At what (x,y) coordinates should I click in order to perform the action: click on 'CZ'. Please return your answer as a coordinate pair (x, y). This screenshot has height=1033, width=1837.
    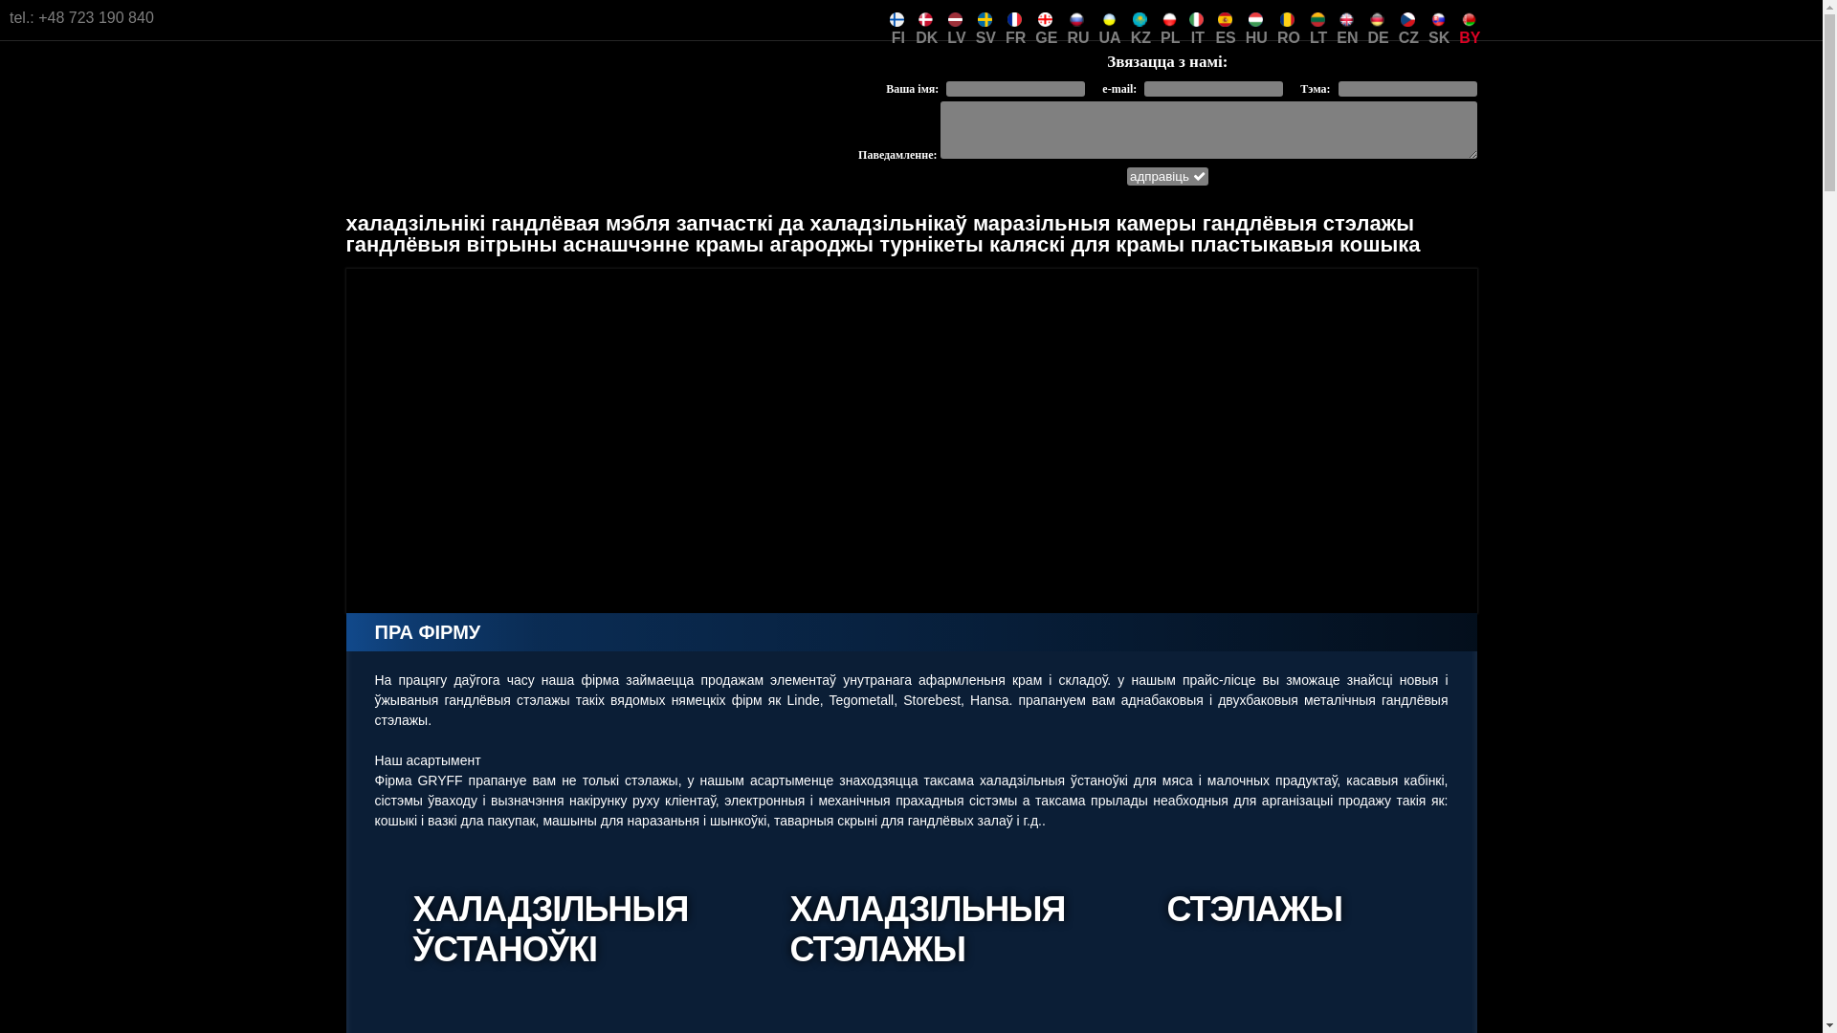
    Looking at the image, I should click on (1408, 18).